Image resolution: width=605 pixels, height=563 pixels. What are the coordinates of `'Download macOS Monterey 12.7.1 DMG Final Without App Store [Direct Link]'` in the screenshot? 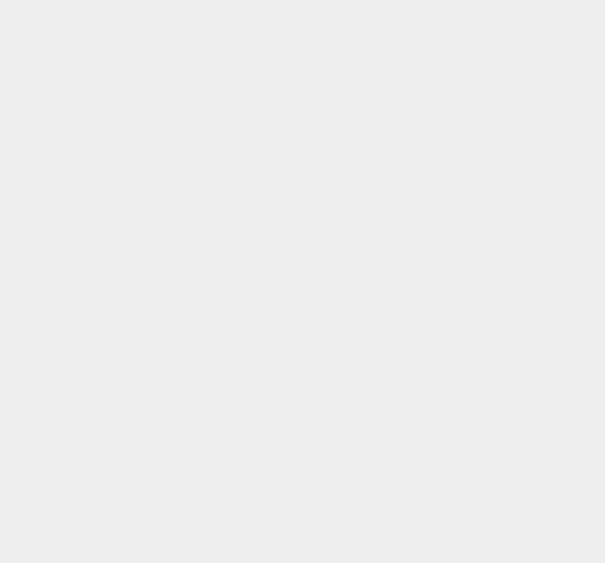 It's located at (513, 183).